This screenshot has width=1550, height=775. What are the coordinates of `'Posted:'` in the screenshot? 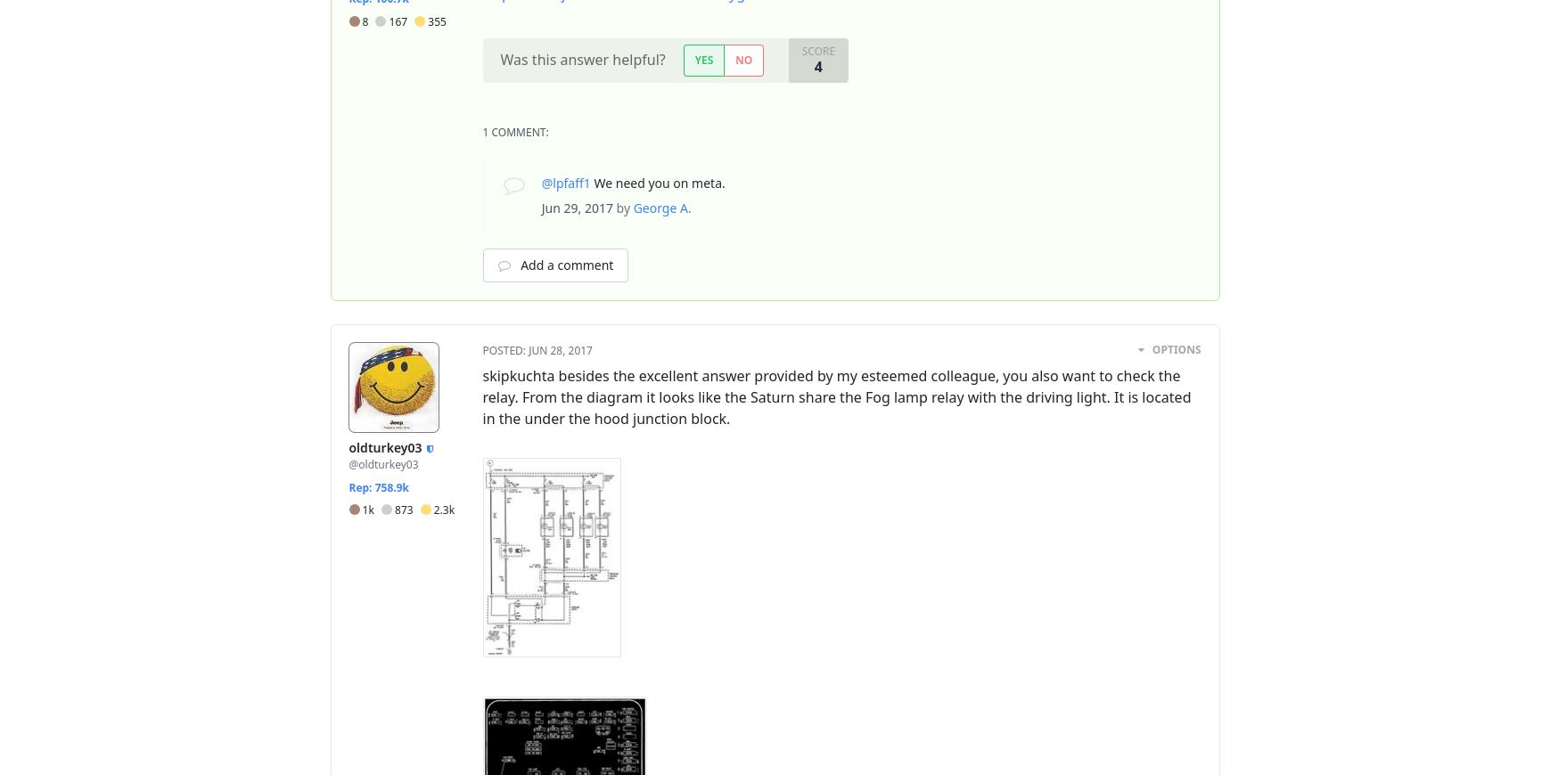 It's located at (504, 350).